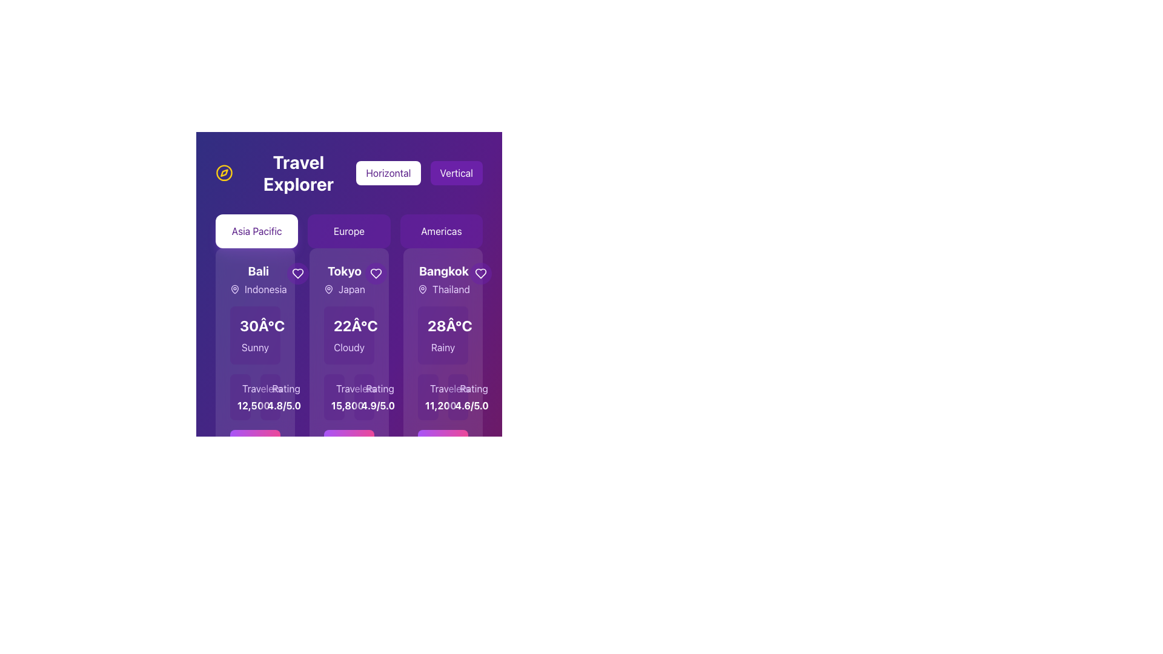 Image resolution: width=1163 pixels, height=654 pixels. I want to click on the heart-shaped icon filled with purple, so click(375, 273).